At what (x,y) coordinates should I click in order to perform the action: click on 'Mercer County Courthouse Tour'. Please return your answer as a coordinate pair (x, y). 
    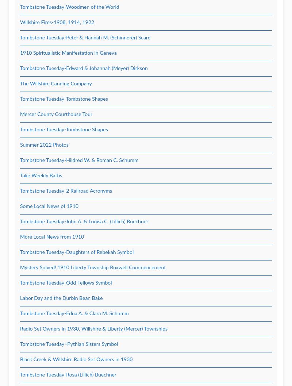
    Looking at the image, I should click on (20, 114).